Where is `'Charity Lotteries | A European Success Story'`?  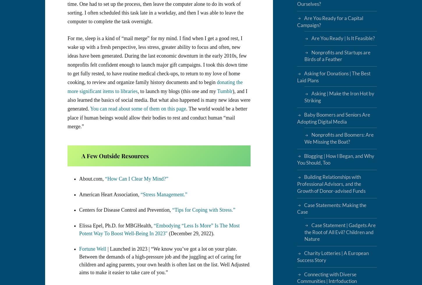 'Charity Lotteries | A European Success Story' is located at coordinates (297, 256).